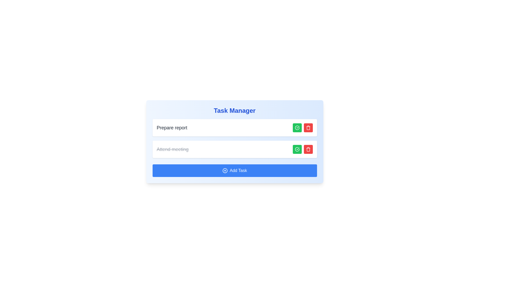 This screenshot has height=284, width=506. Describe the element at coordinates (297, 149) in the screenshot. I see `the green circular button with a checkmark icon located on the right side of the second row in the task list, which signifies completion for the task 'Attend meeting'` at that location.